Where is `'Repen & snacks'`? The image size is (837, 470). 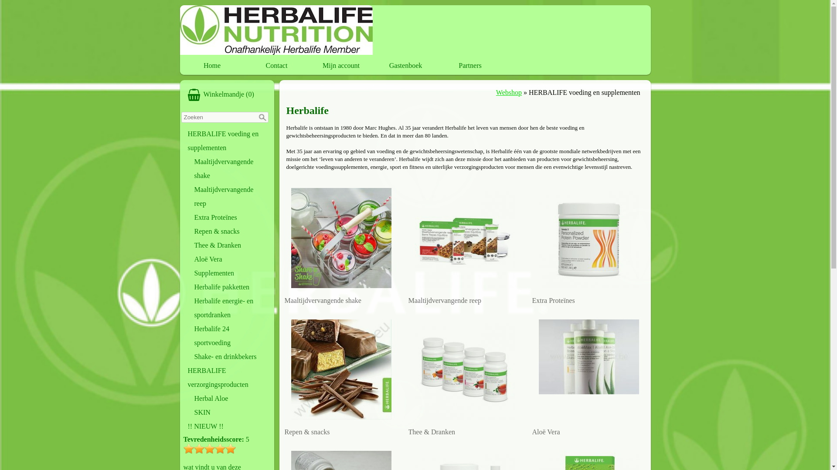 'Repen & snacks' is located at coordinates (340, 375).